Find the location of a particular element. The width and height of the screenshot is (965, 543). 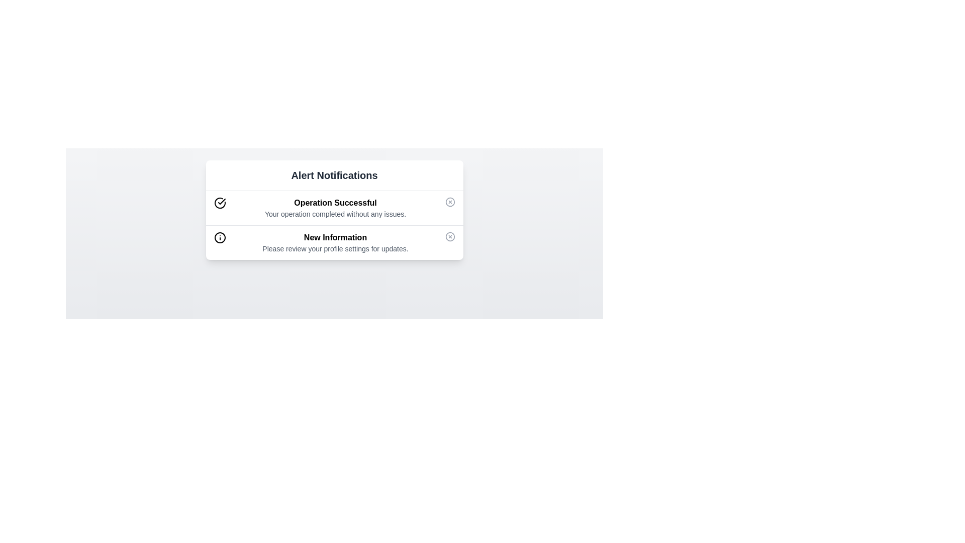

the surrounding area of the SVG Circle that serves as the background for the information icon in the 'New Information' notification row is located at coordinates (219, 238).